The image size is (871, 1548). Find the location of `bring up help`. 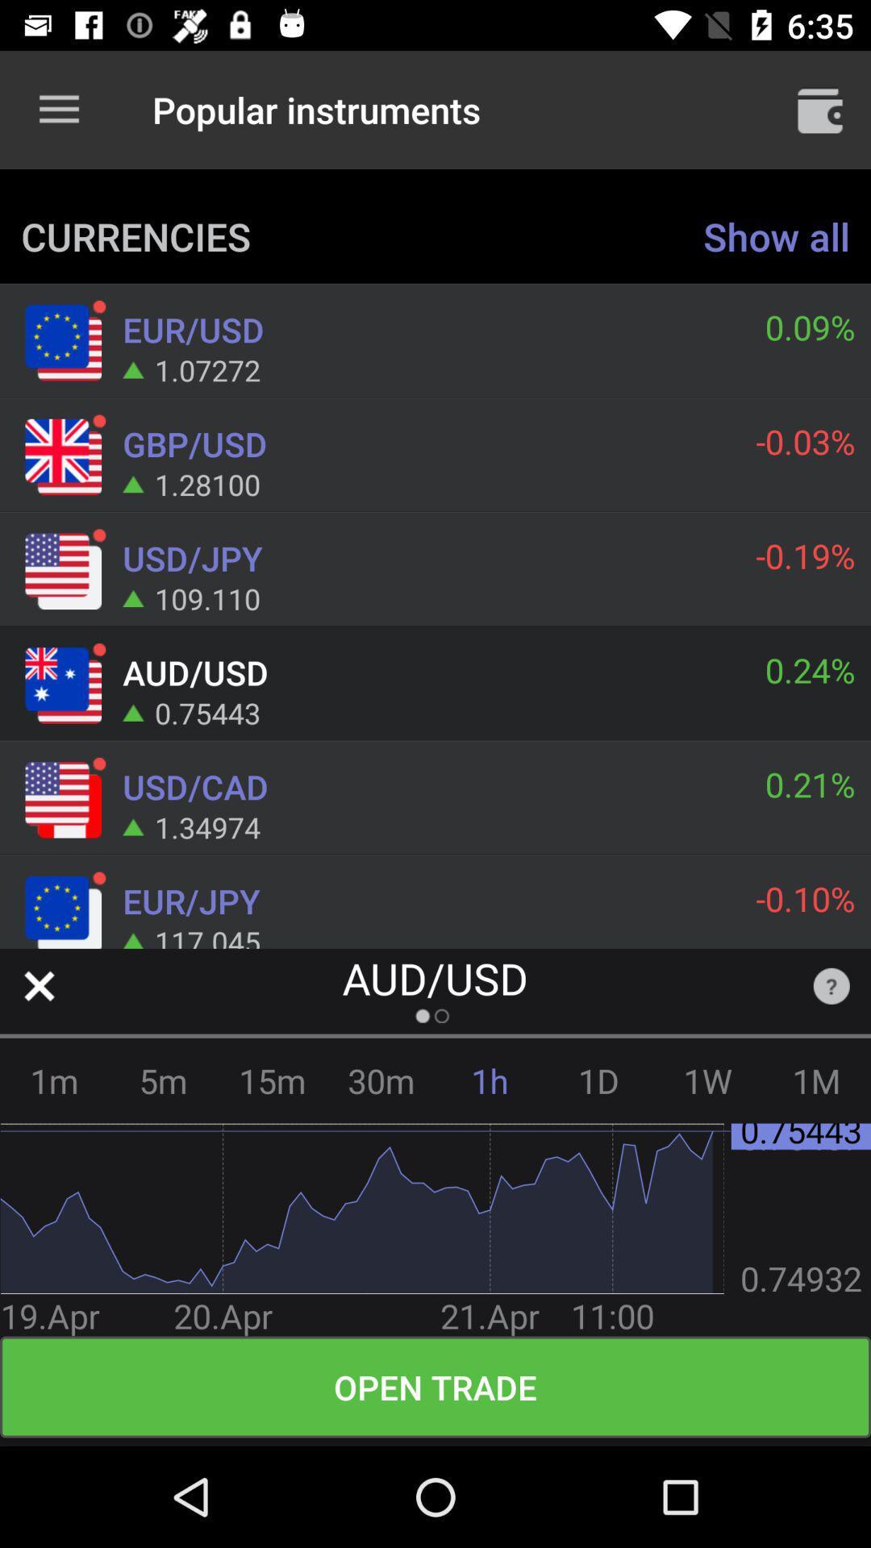

bring up help is located at coordinates (831, 985).